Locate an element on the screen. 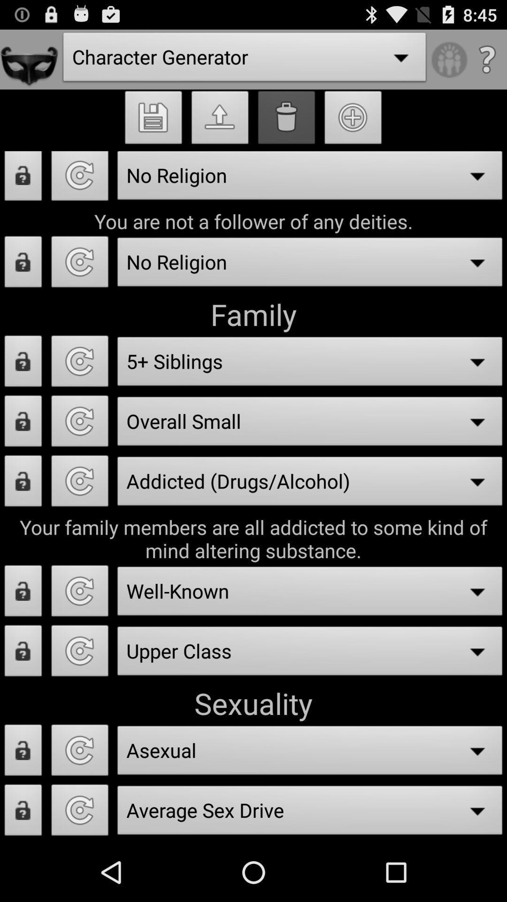 This screenshot has width=507, height=902. lock is located at coordinates (23, 179).